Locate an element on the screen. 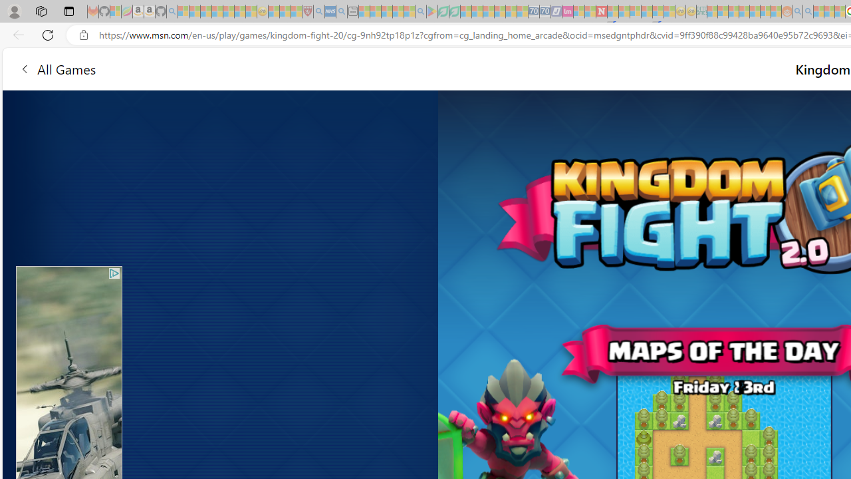 The image size is (851, 479). 'The Weather Channel - MSN - Sleeping' is located at coordinates (205, 11).